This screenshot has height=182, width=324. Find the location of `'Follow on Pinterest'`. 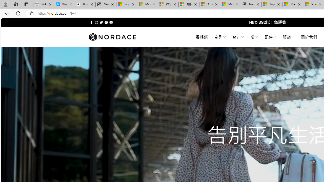

'Follow on Pinterest' is located at coordinates (106, 22).